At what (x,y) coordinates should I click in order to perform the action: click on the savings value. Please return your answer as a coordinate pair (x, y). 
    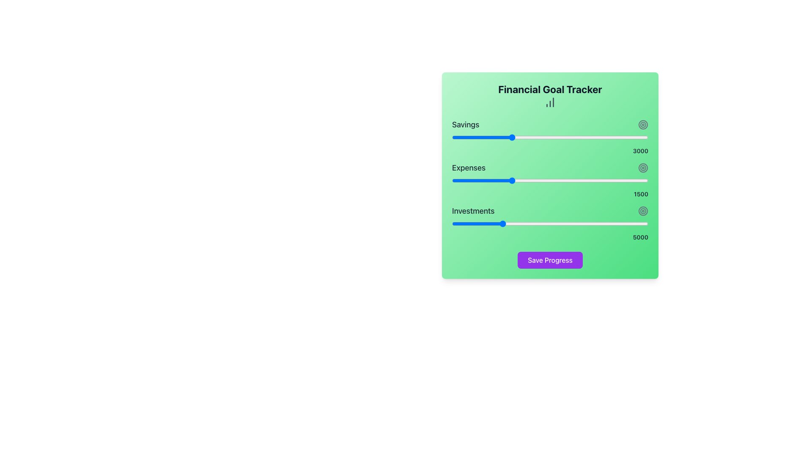
    Looking at the image, I should click on (530, 137).